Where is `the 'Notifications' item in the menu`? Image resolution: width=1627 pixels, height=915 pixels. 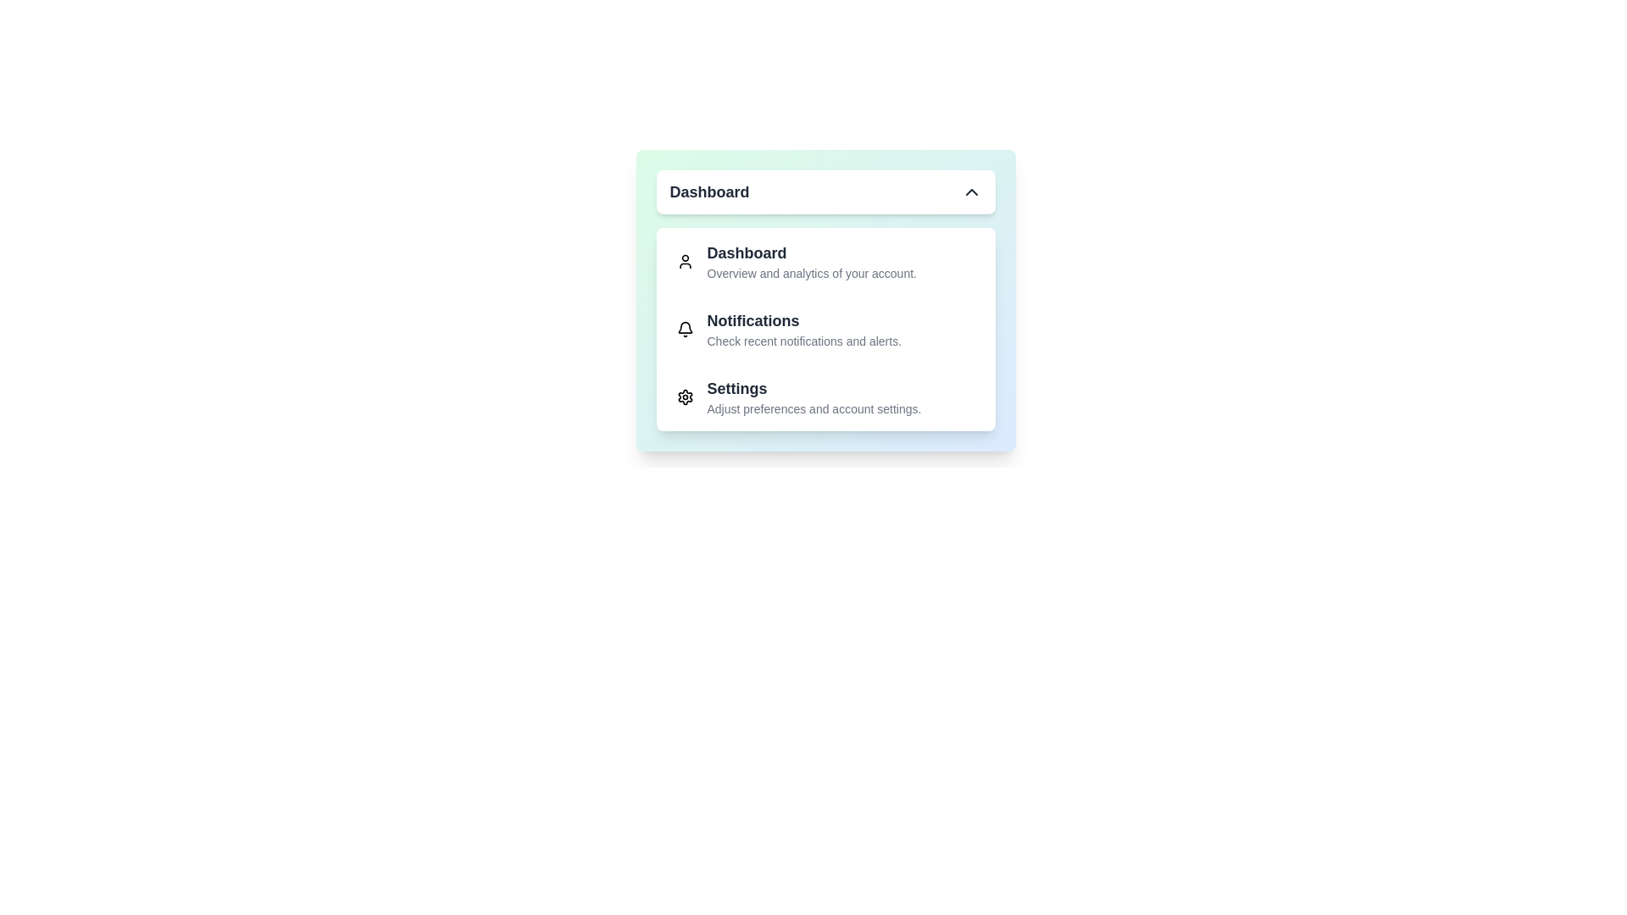 the 'Notifications' item in the menu is located at coordinates (825, 330).